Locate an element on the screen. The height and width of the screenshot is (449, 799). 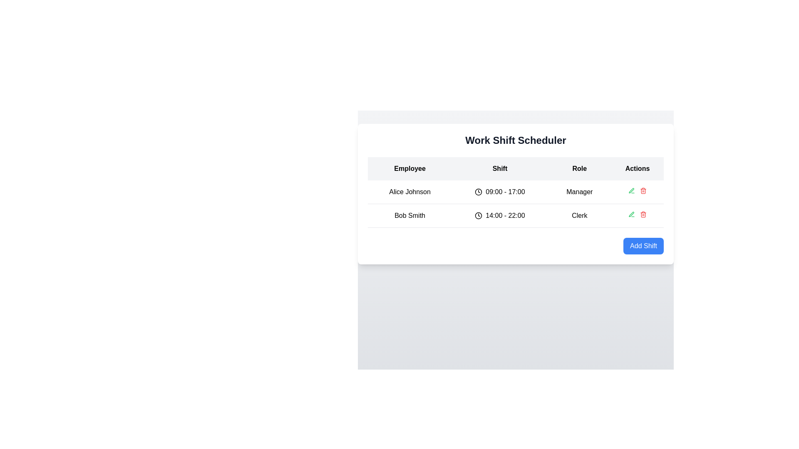
the trash can icon/button in the far-right column under the 'Actions' header for 'Alice Johnson' is located at coordinates (637, 192).